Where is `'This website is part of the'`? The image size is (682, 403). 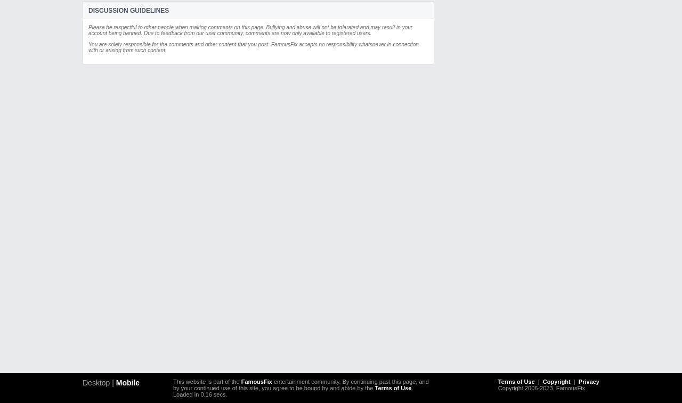 'This website is part of the' is located at coordinates (207, 382).